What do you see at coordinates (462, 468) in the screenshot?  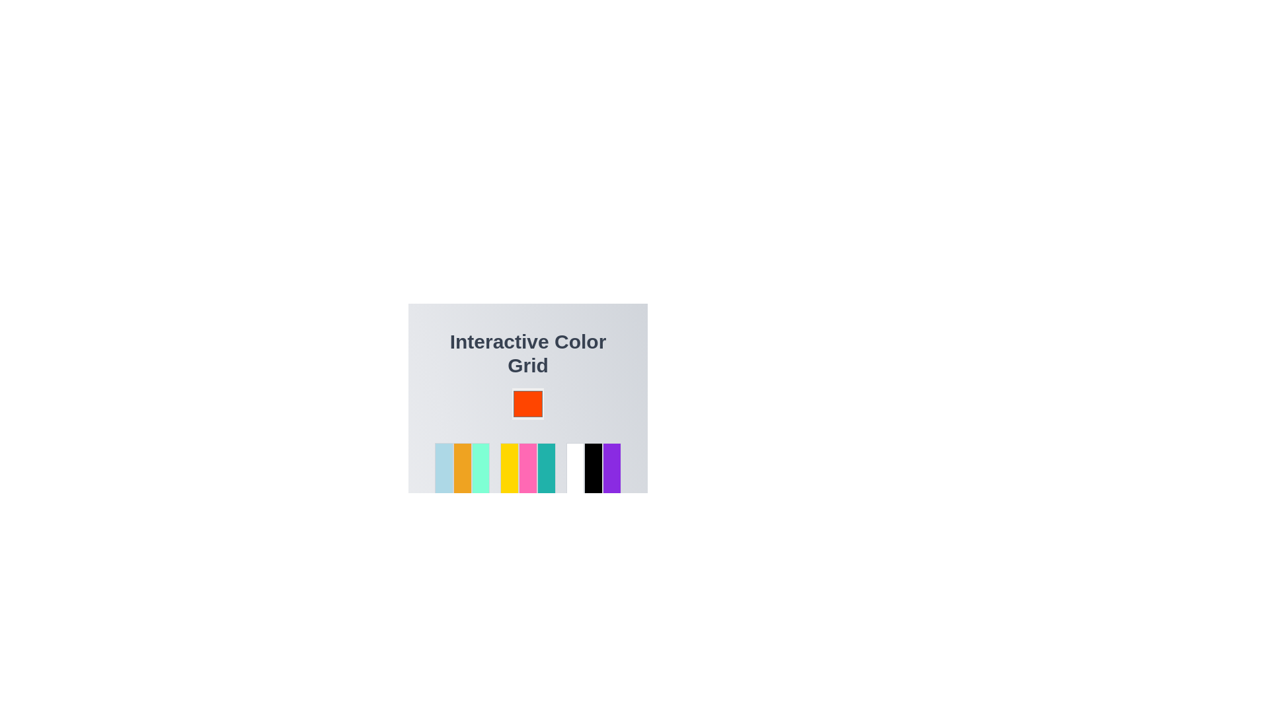 I see `the Interactive Box` at bounding box center [462, 468].